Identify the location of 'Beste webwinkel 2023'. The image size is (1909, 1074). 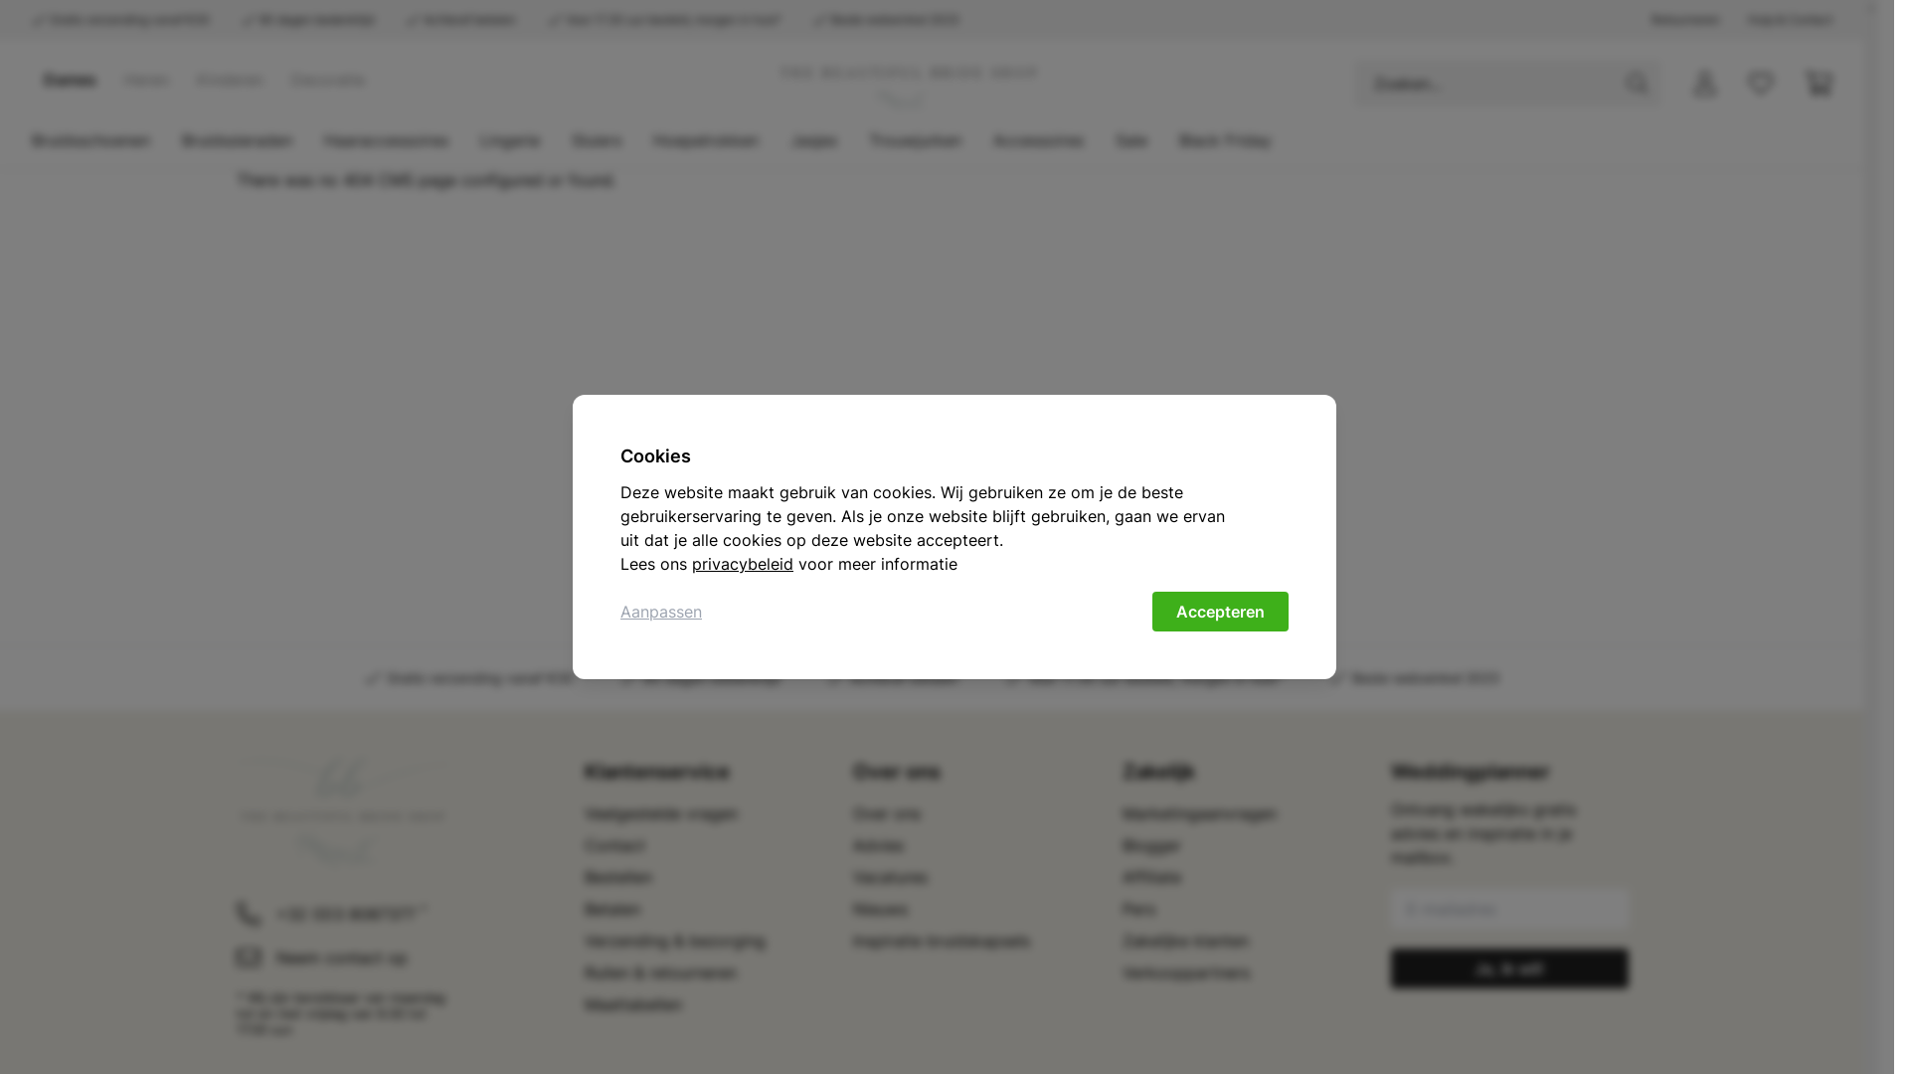
(812, 19).